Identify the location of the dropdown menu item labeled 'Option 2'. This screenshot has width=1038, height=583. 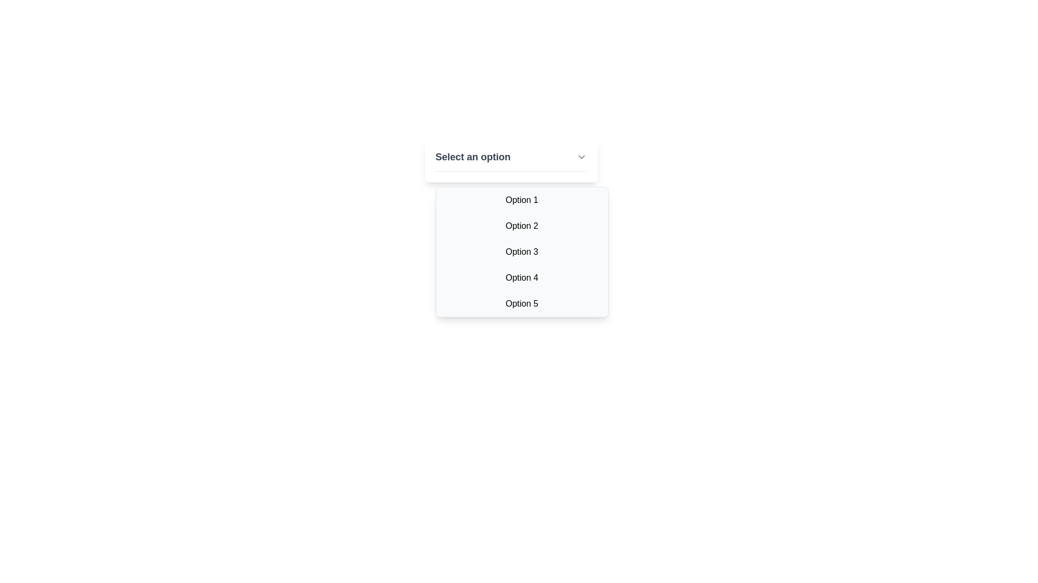
(522, 226).